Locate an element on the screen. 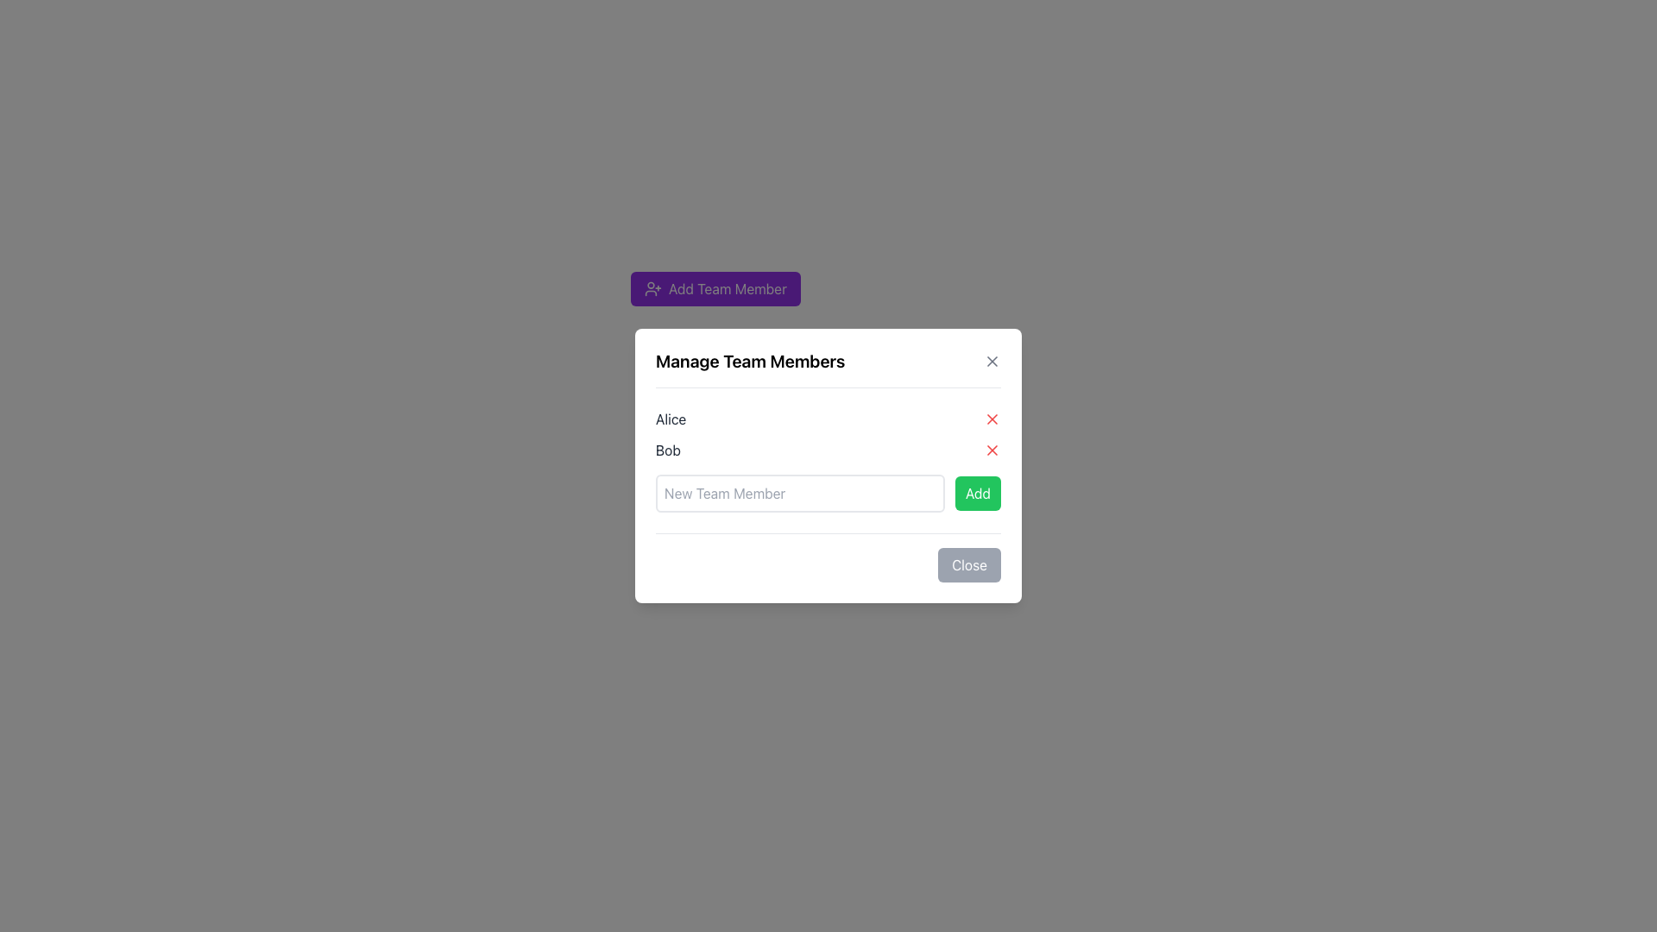 This screenshot has height=932, width=1657. the delete button associated with user 'Bob' to change its color is located at coordinates (992, 449).